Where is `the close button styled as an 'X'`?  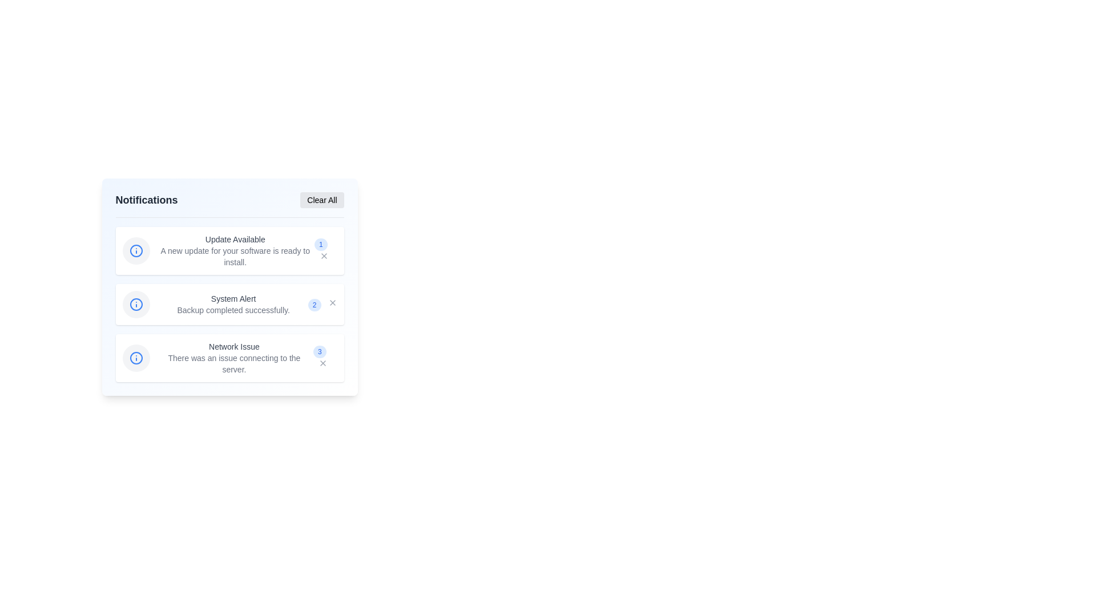 the close button styled as an 'X' is located at coordinates (323, 255).